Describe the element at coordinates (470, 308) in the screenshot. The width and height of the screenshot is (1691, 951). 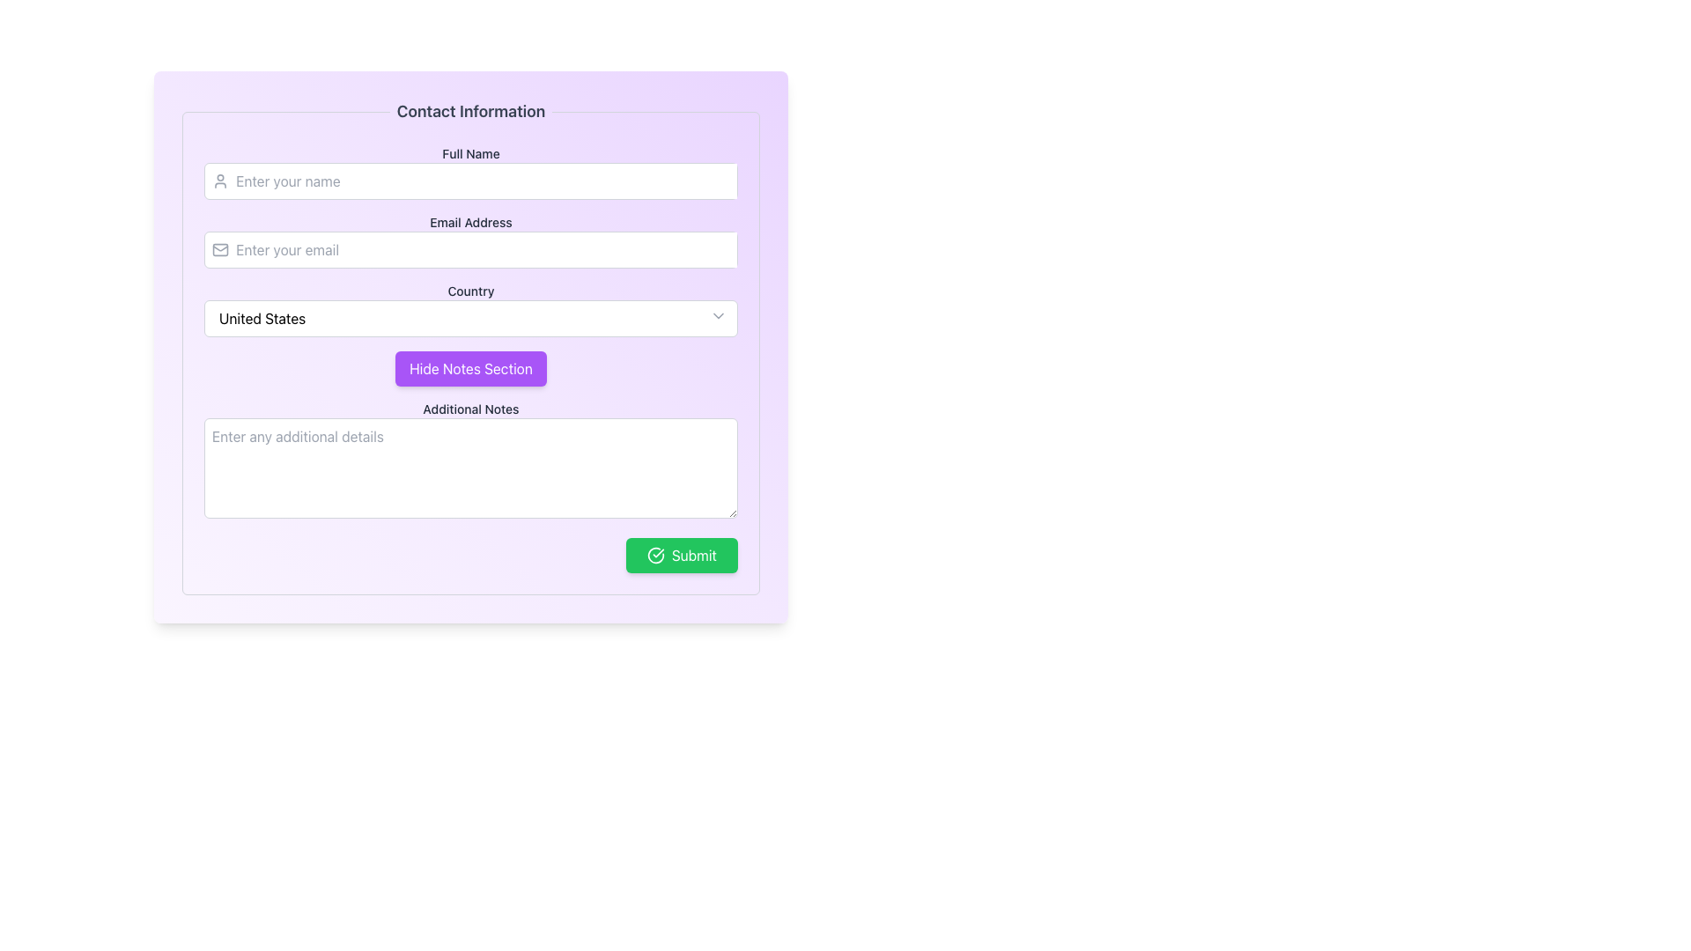
I see `the dropdown menu for selecting a country, which is located in the center of the form, below the 'Email Address' field and above the 'Hide Notes Section' button` at that location.